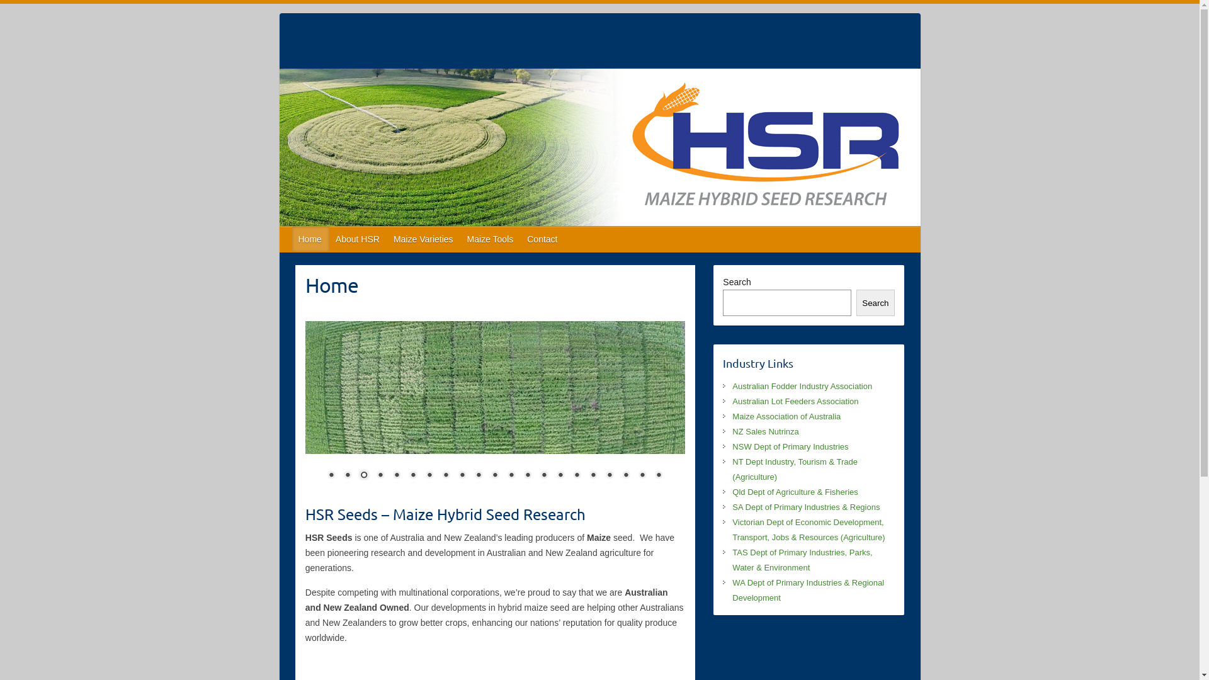 The image size is (1209, 680). I want to click on '8', so click(446, 476).